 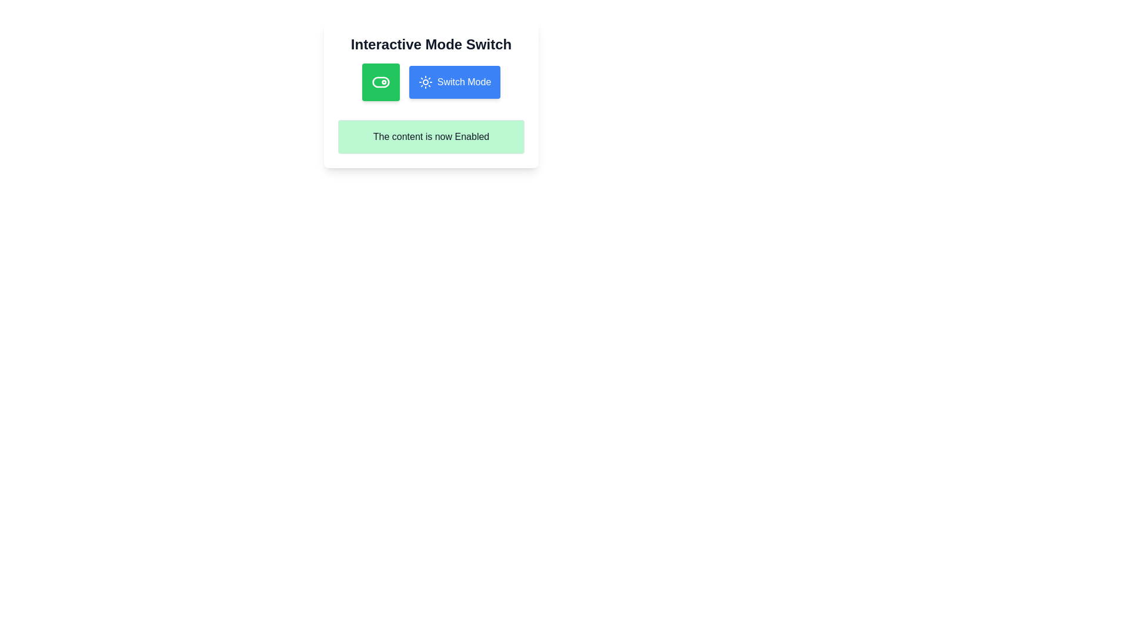 I want to click on the Vector icon toggle switch, which has a green oval background and a small white circle indicating it is in the 'On' state, located below the 'Interactive Mode Switch' title and to the left of the 'Switch Mode' blue button, so click(x=380, y=81).